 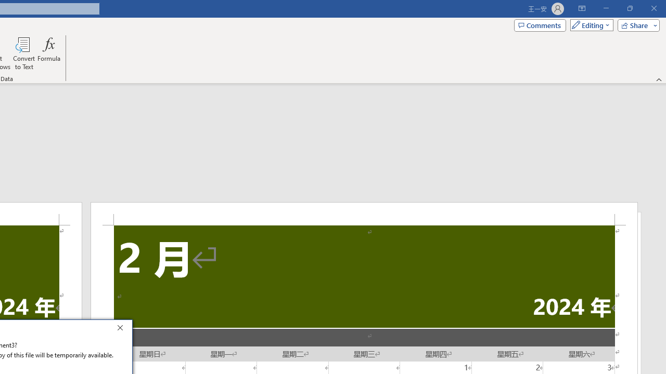 What do you see at coordinates (364, 213) in the screenshot?
I see `'Header -Section 2-'` at bounding box center [364, 213].